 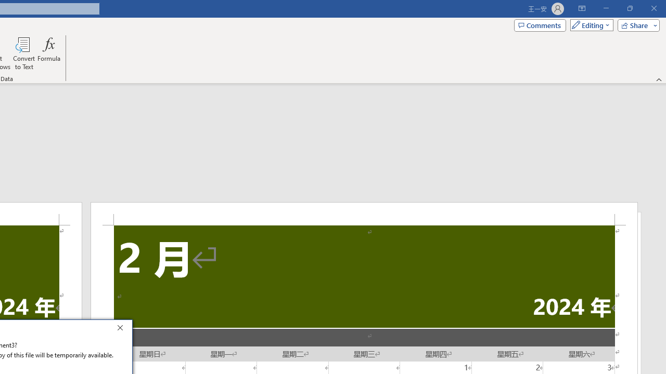 What do you see at coordinates (364, 213) in the screenshot?
I see `'Header -Section 2-'` at bounding box center [364, 213].